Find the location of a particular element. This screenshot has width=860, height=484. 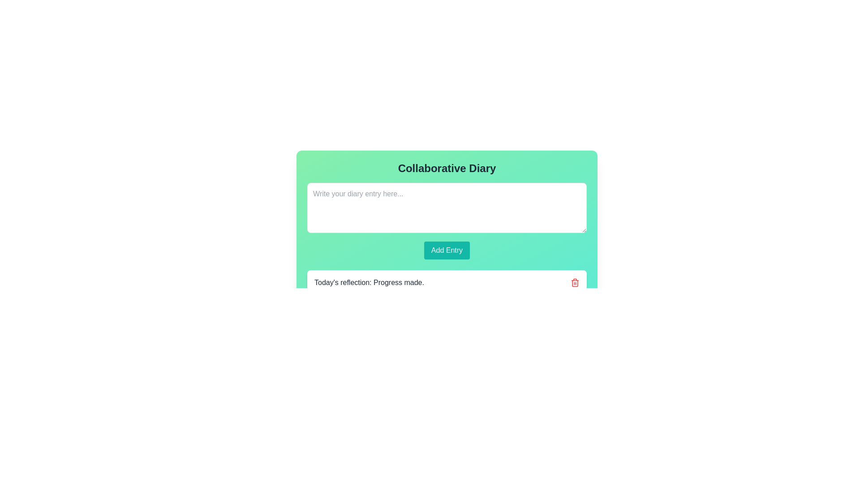

the title text at the top of the card, which indicates its purpose or subject matter is located at coordinates (447, 168).